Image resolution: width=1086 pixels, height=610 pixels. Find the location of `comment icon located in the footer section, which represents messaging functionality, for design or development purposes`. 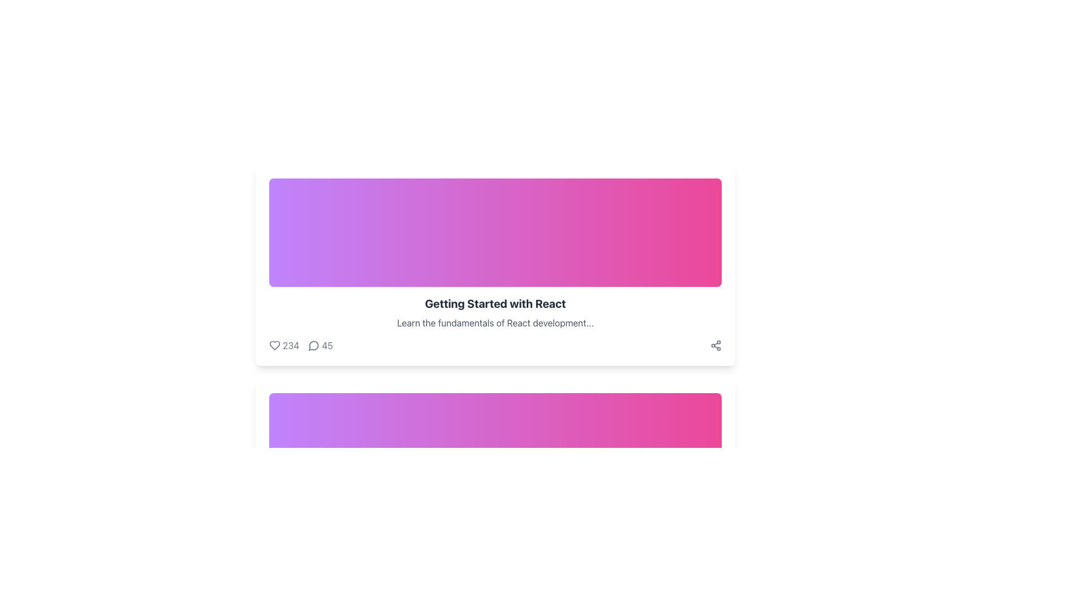

comment icon located in the footer section, which represents messaging functionality, for design or development purposes is located at coordinates (312, 560).